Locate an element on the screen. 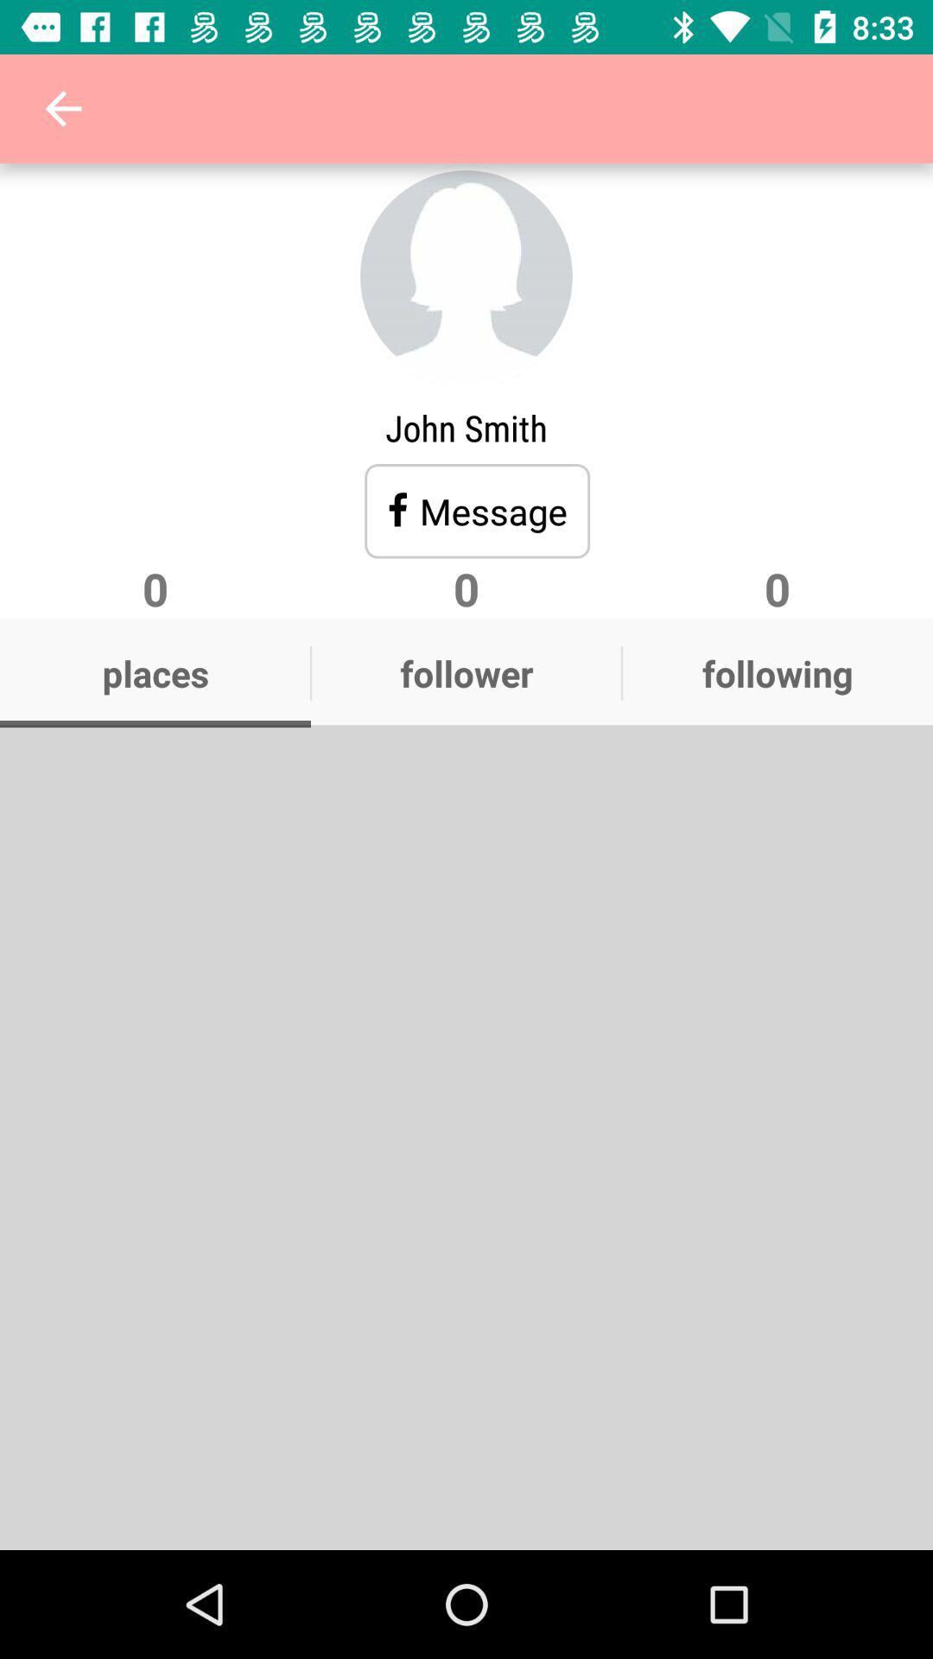 The height and width of the screenshot is (1659, 933). following app is located at coordinates (776, 672).